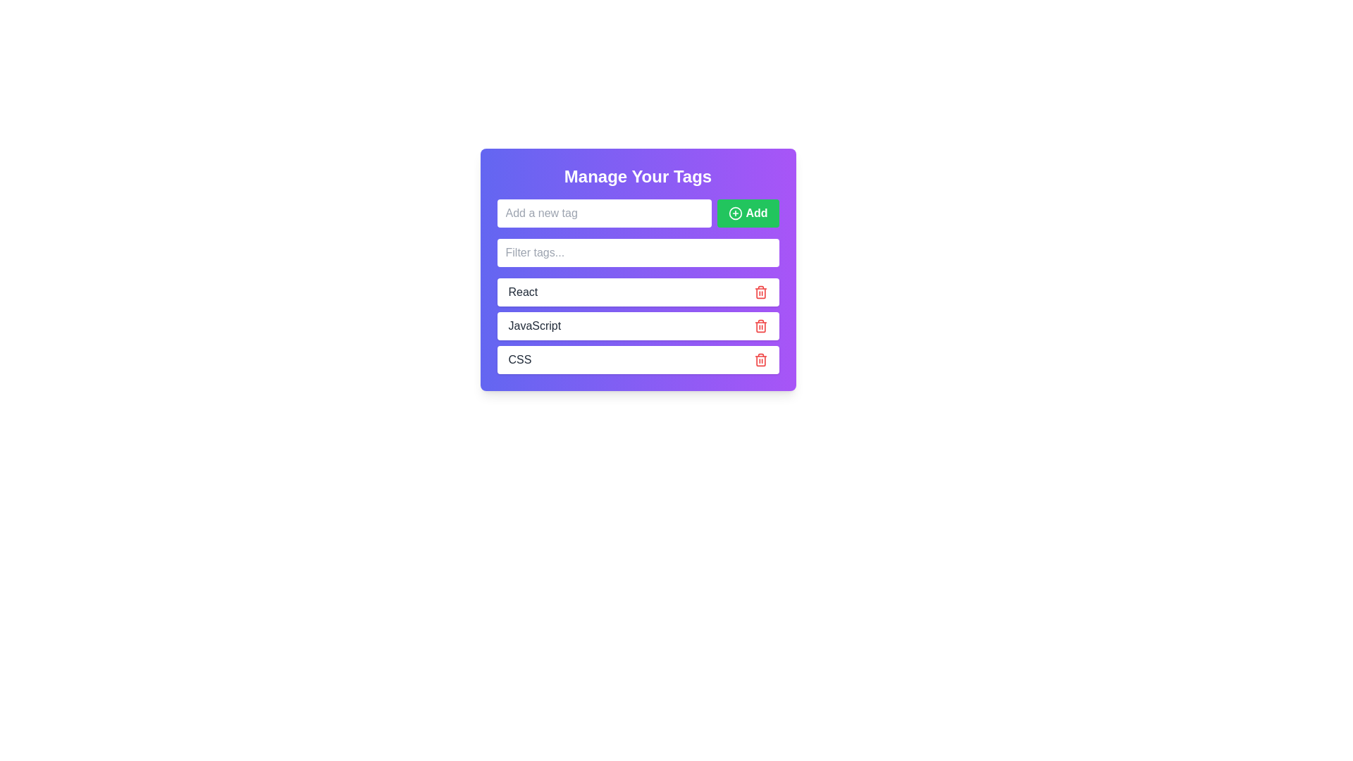 The image size is (1353, 761). What do you see at coordinates (747, 214) in the screenshot?
I see `the green 'Add' button with rounded corners and a plus-sign icon` at bounding box center [747, 214].